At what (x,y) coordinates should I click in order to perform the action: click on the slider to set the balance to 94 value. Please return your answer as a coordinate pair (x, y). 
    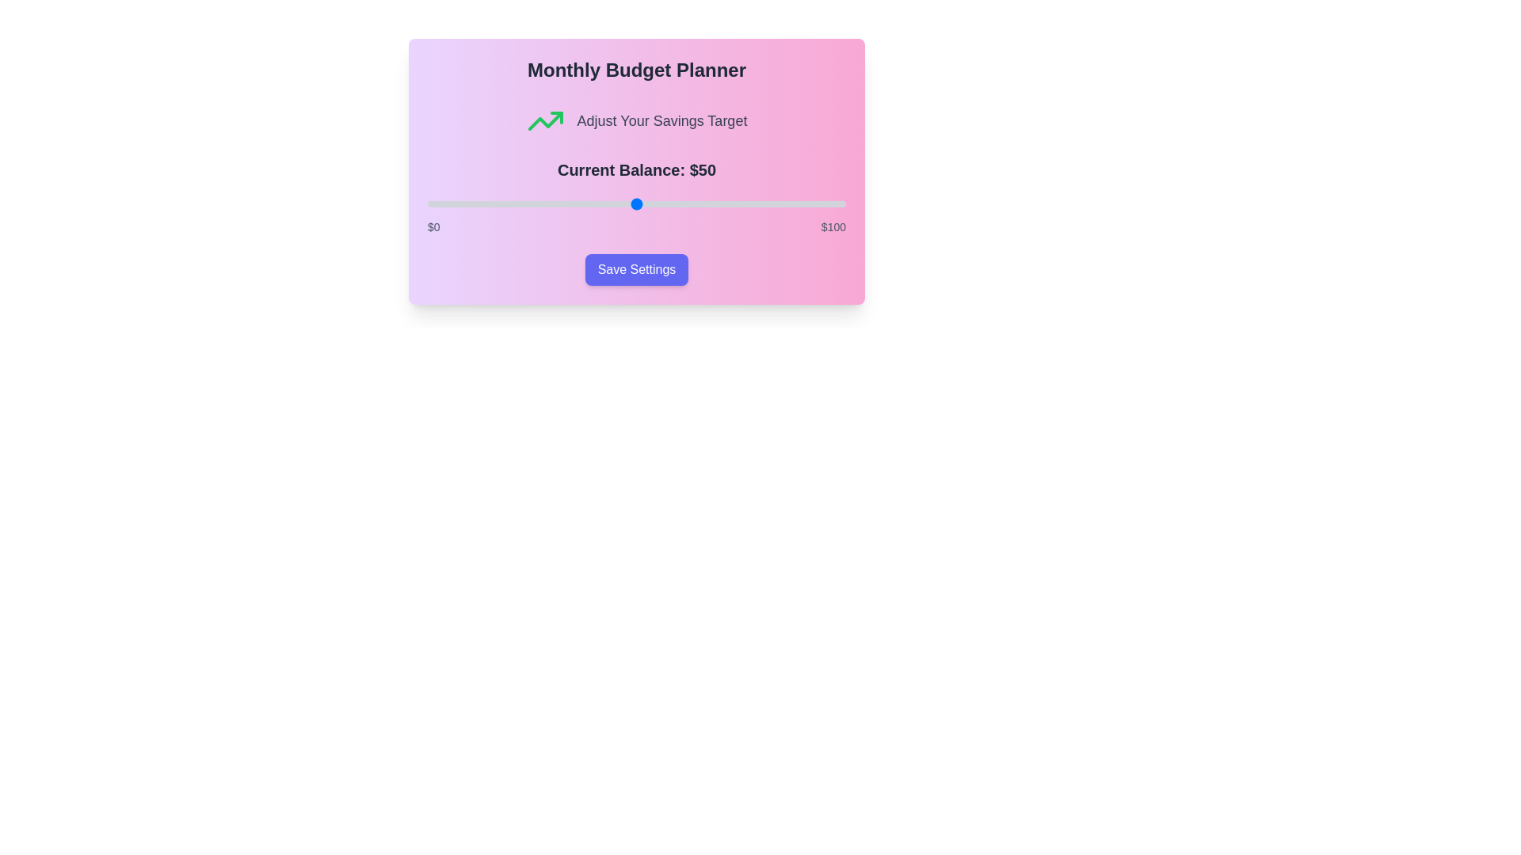
    Looking at the image, I should click on (821, 203).